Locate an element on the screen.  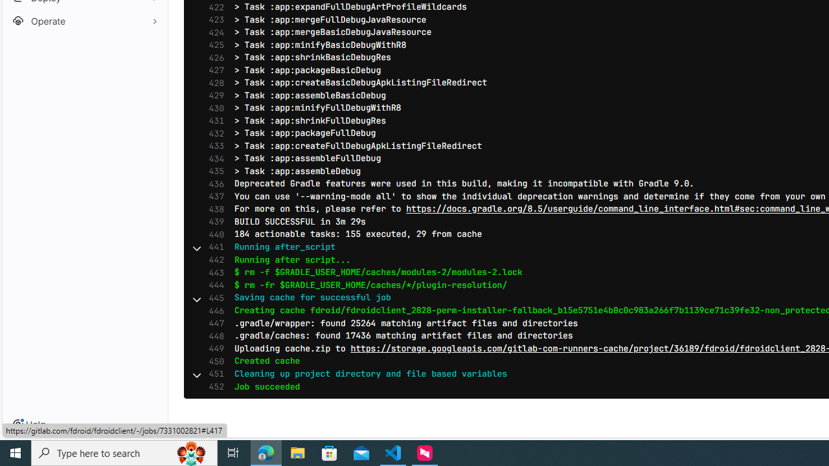
'436' is located at coordinates (213, 184).